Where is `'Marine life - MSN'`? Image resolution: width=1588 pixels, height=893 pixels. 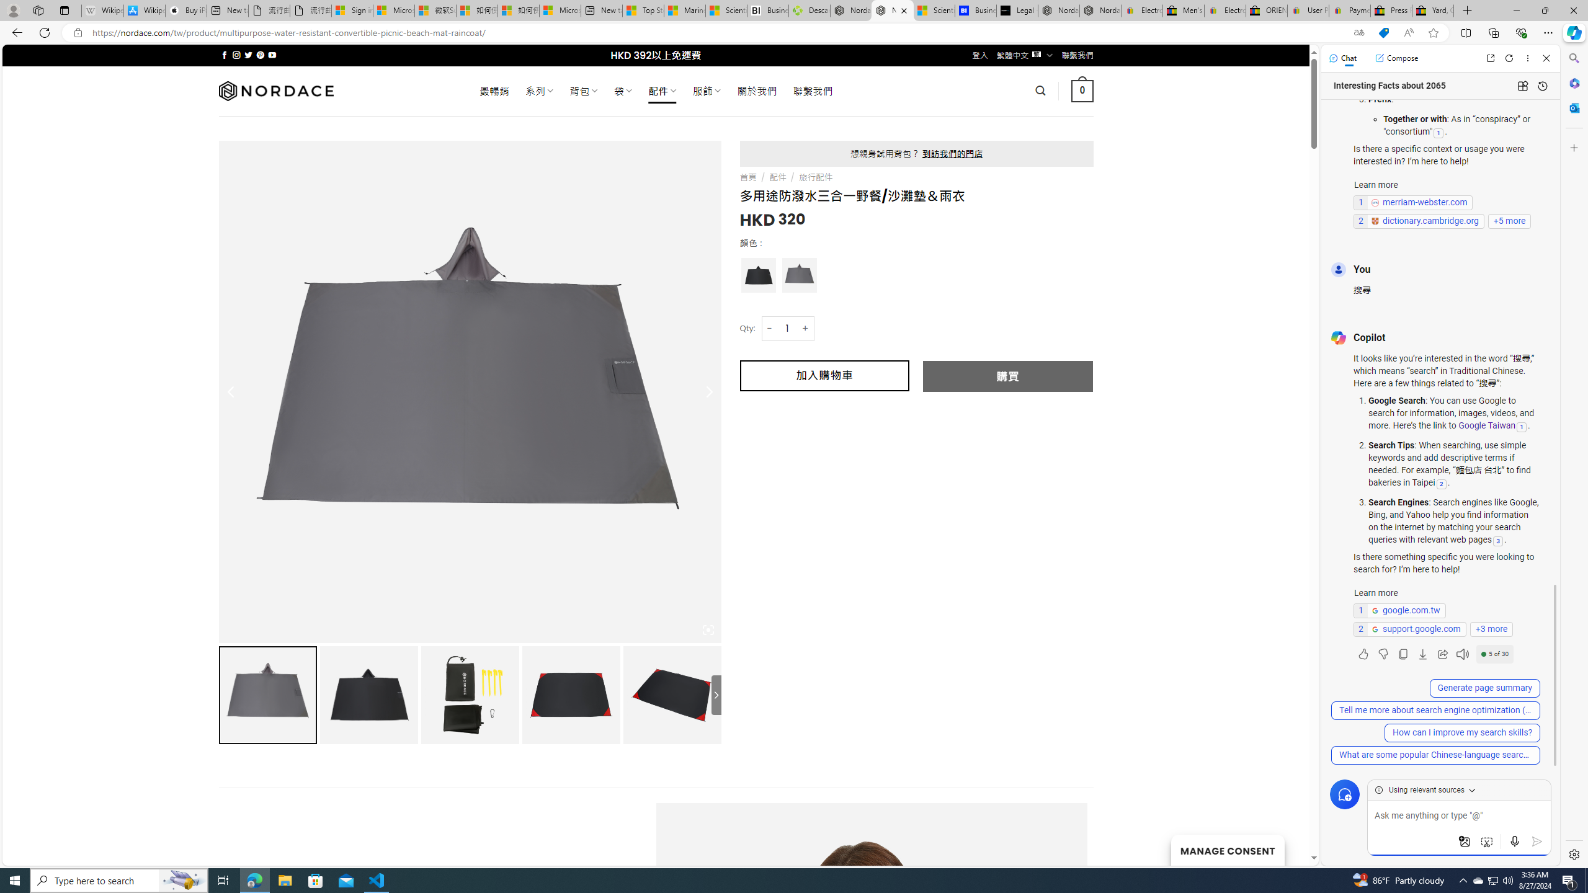
'Marine life - MSN' is located at coordinates (685, 10).